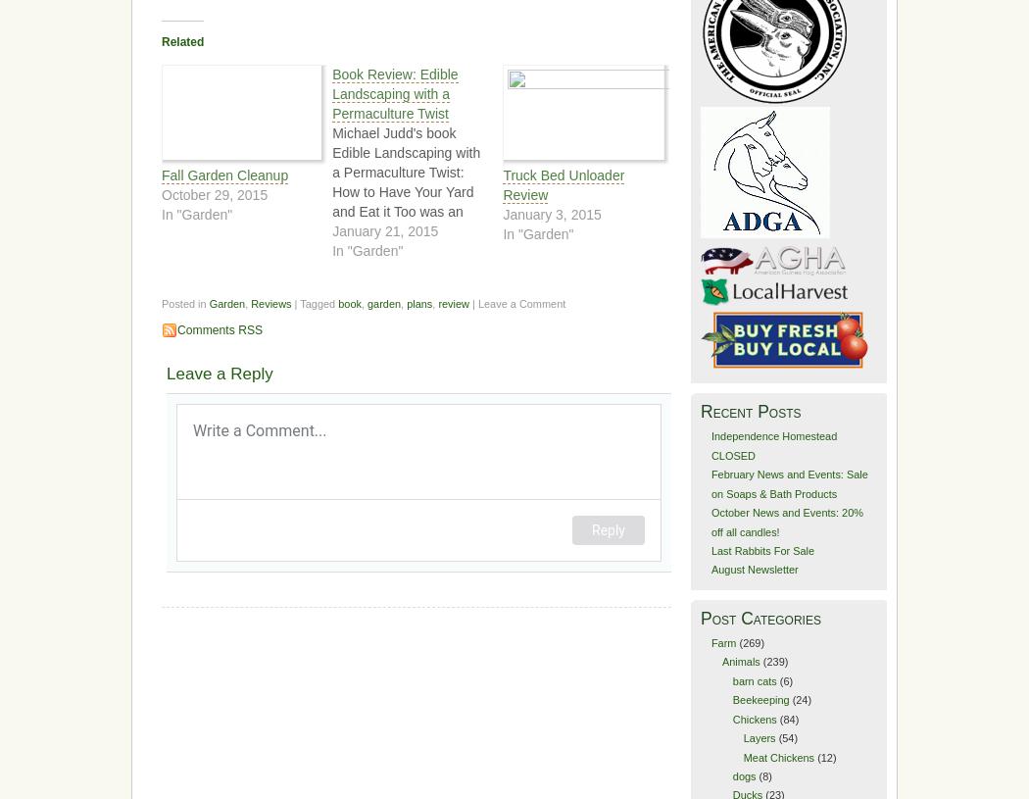  What do you see at coordinates (777, 756) in the screenshot?
I see `'Meat Chickens'` at bounding box center [777, 756].